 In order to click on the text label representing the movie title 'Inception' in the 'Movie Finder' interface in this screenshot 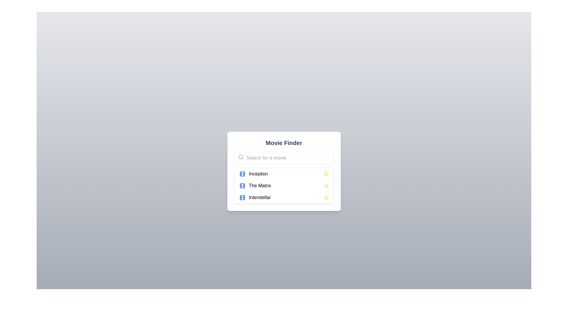, I will do `click(258, 174)`.